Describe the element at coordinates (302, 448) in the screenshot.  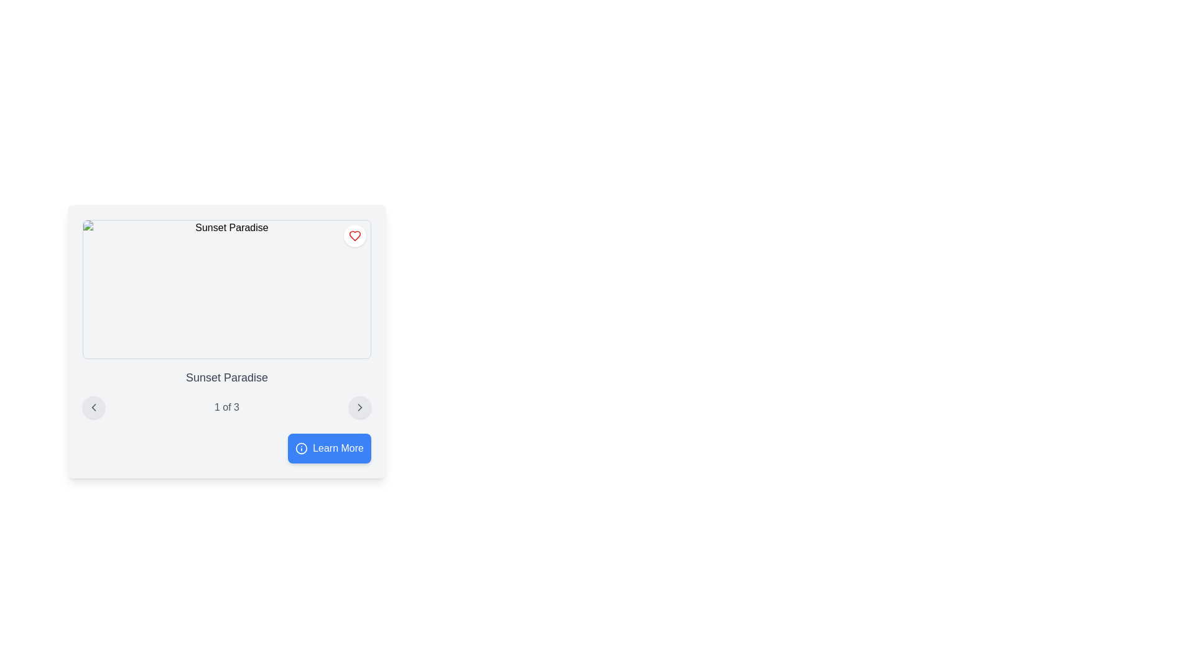
I see `the icon located on the left side of the 'Learn More' button` at that location.